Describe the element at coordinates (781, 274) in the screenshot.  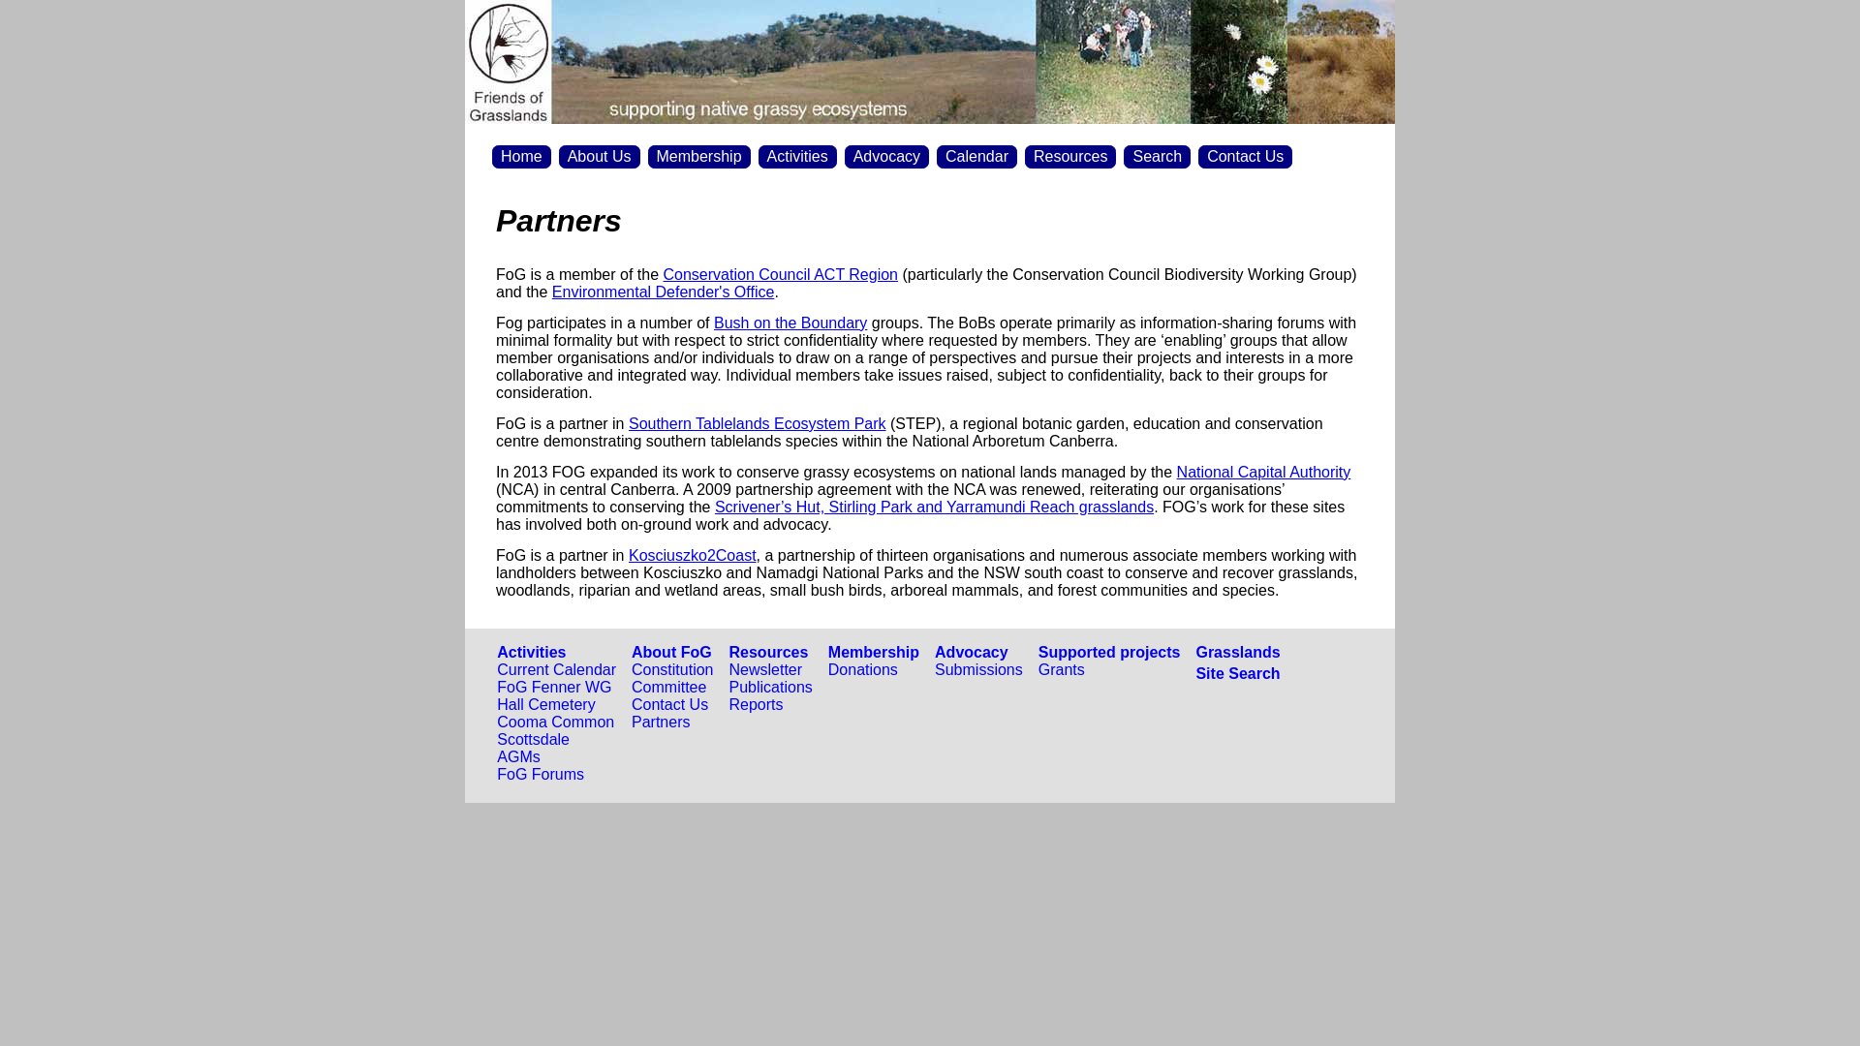
I see `'Conservation Council ACT Region'` at that location.